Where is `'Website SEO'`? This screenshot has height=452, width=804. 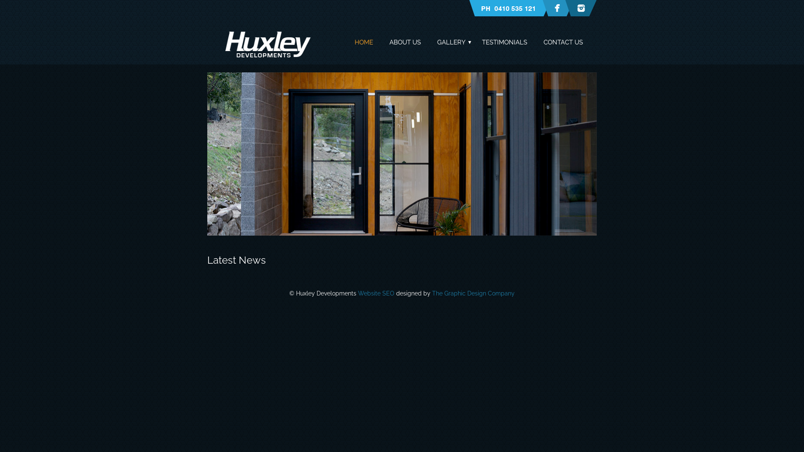
'Website SEO' is located at coordinates (376, 293).